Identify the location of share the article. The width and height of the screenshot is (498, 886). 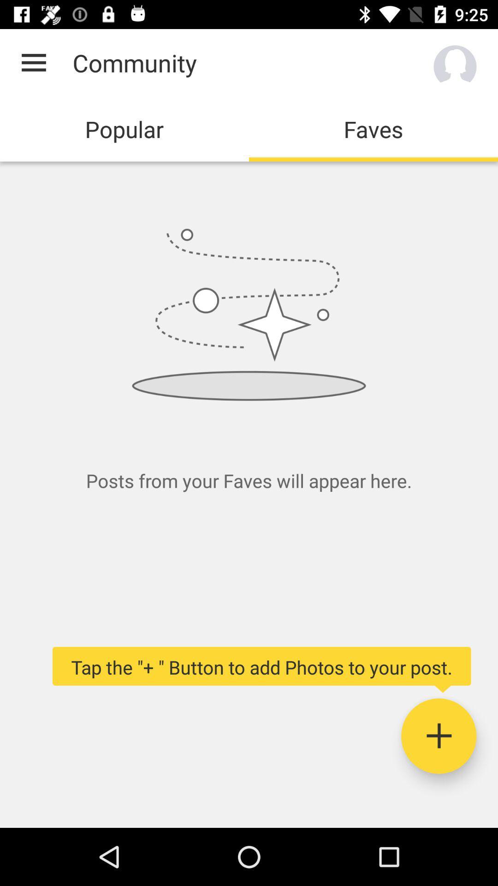
(438, 736).